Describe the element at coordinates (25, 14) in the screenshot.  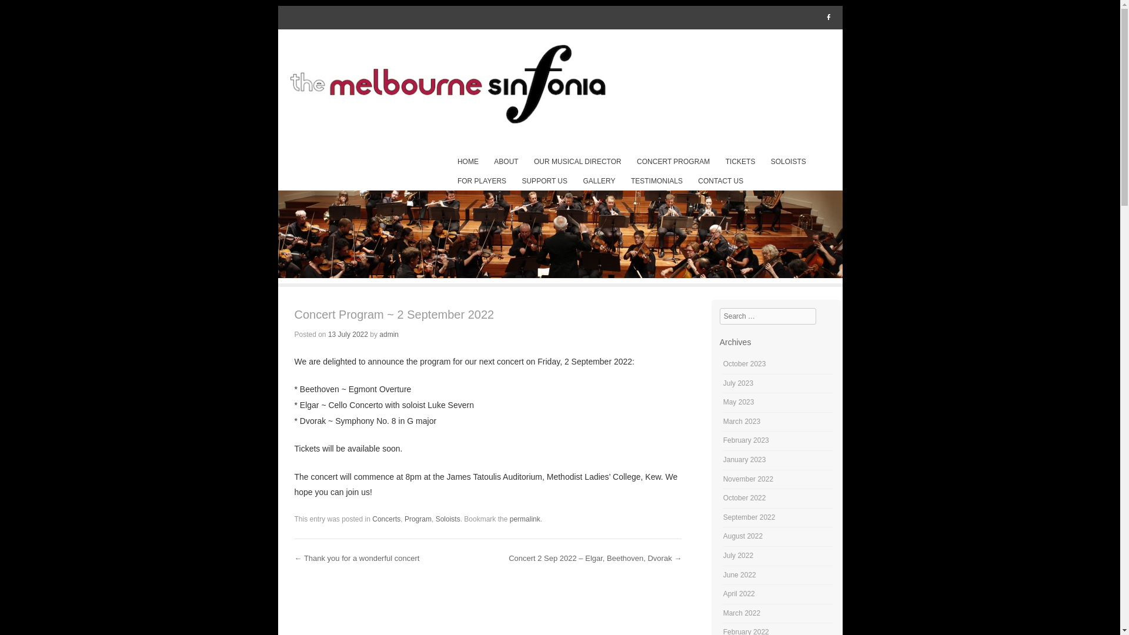
I see `'Search'` at that location.